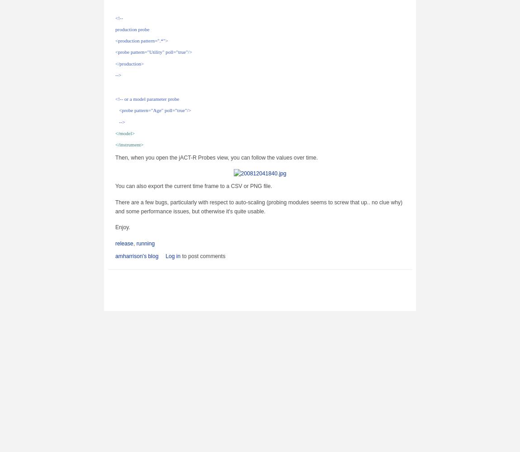  Describe the element at coordinates (129, 63) in the screenshot. I see `'</production>'` at that location.